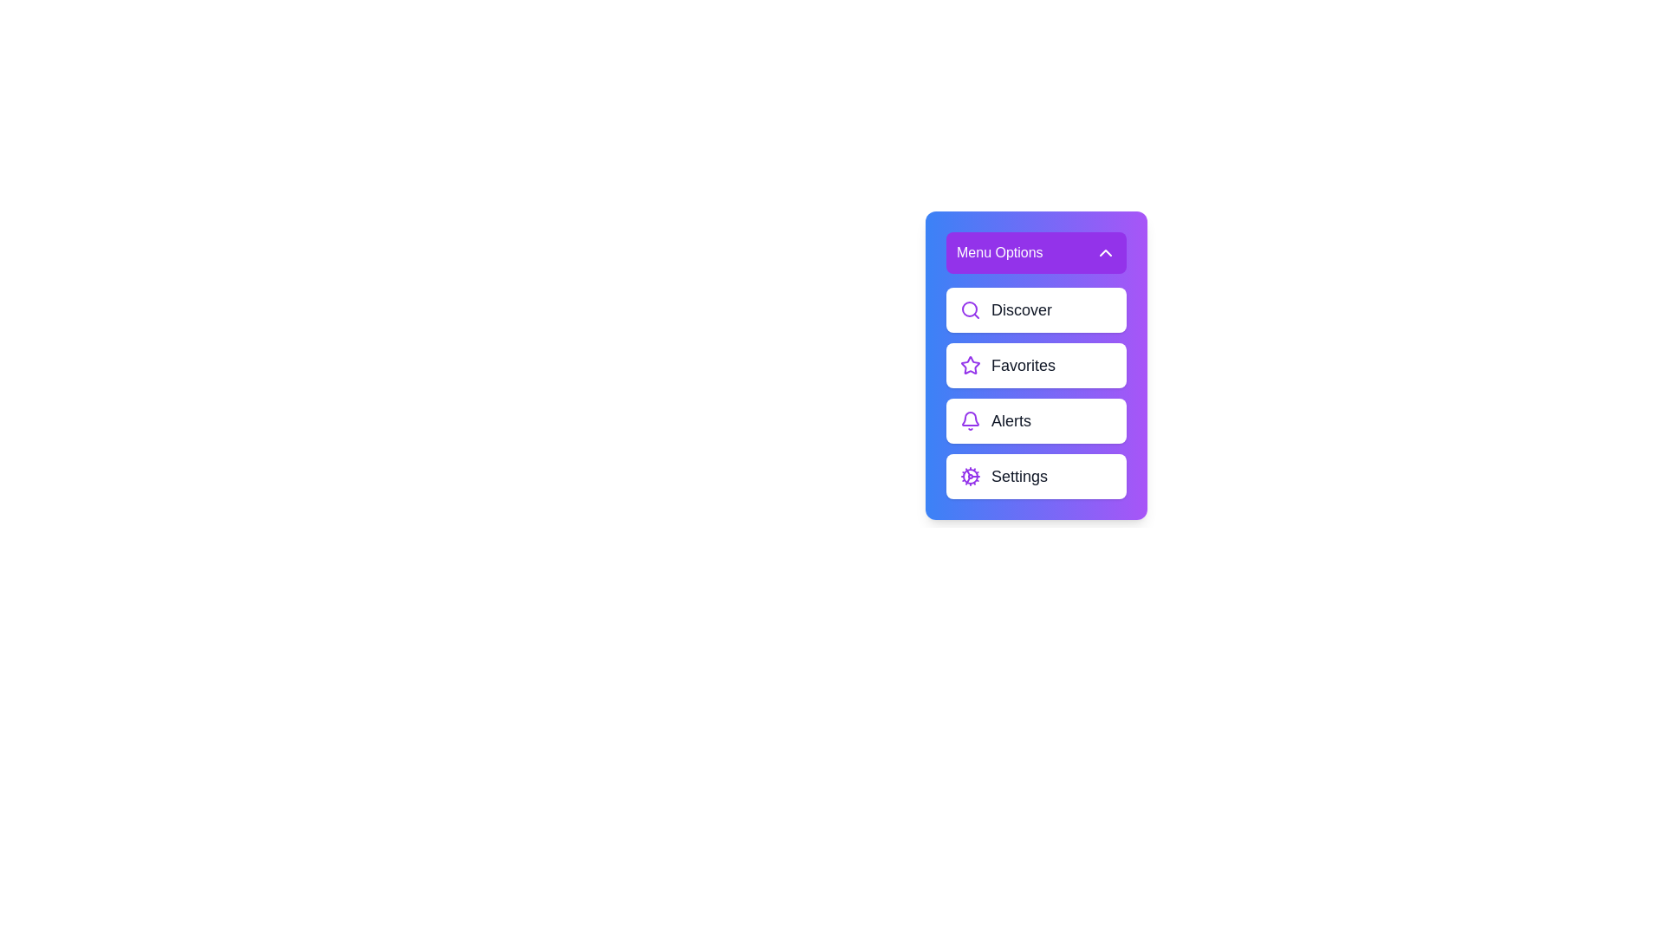 Image resolution: width=1664 pixels, height=936 pixels. I want to click on the magnifying glass icon representing the search functionality in the 'Discover' menu item, located near the top left corner, so click(968, 309).